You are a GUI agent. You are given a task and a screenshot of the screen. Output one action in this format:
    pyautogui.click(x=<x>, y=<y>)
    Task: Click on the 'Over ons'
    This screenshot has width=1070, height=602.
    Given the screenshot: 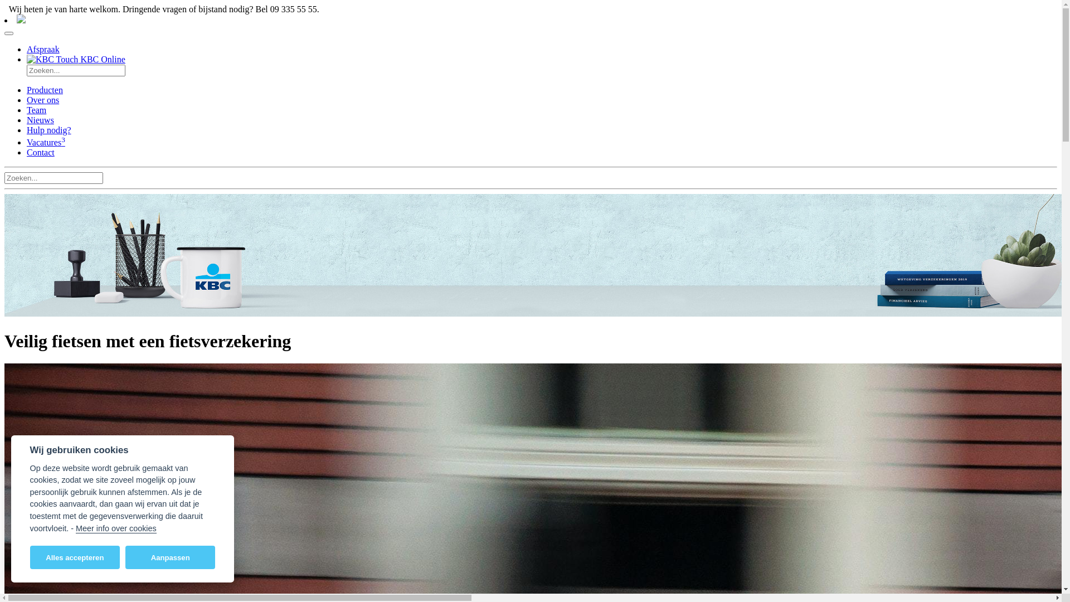 What is the action you would take?
    pyautogui.click(x=42, y=99)
    